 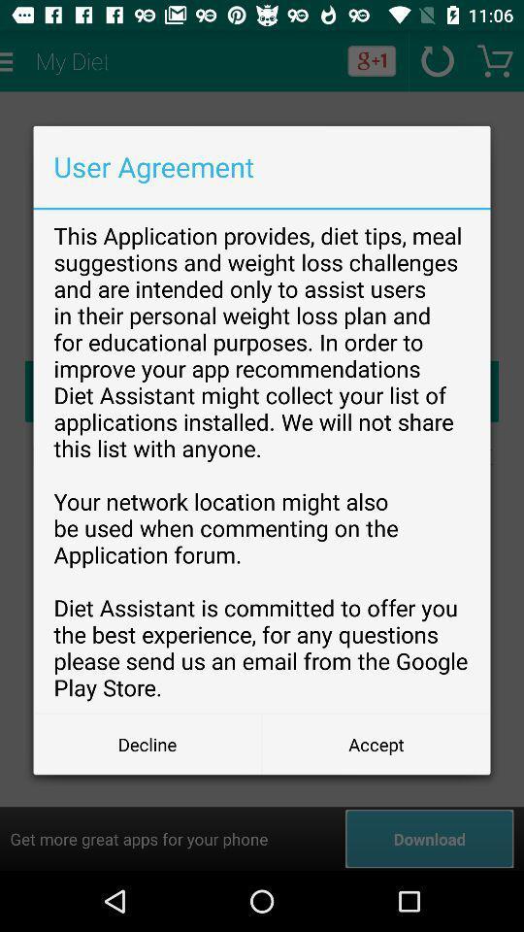 What do you see at coordinates (147, 743) in the screenshot?
I see `button at the bottom left corner` at bounding box center [147, 743].